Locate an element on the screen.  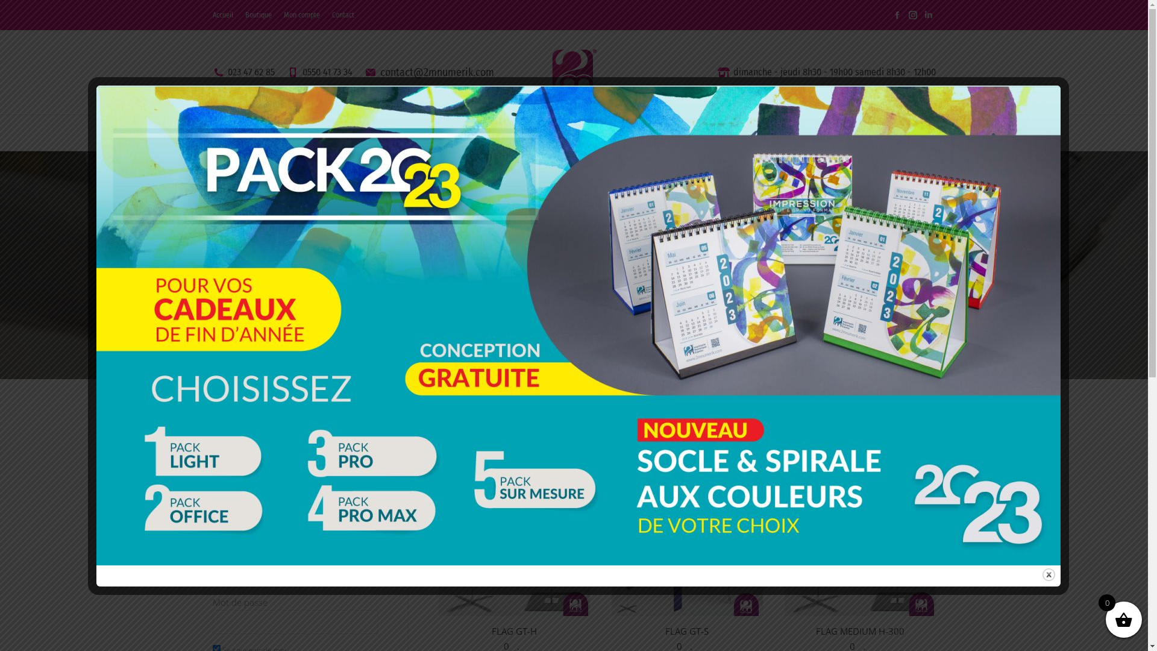
'LinkedIn page opens in new window' is located at coordinates (920, 14).